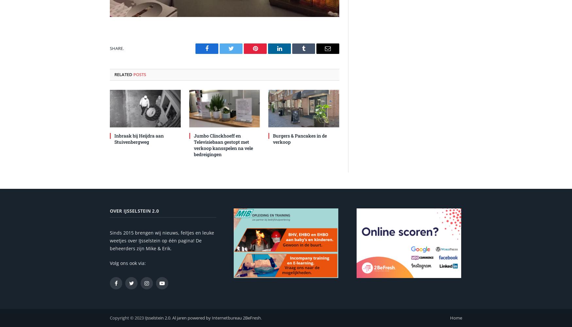 This screenshot has width=572, height=327. What do you see at coordinates (223, 145) in the screenshot?
I see `'Jumbo Clinckhoeff en Televisiebaan gestopt met verkoop kansspelen na vele bedreigingen'` at bounding box center [223, 145].